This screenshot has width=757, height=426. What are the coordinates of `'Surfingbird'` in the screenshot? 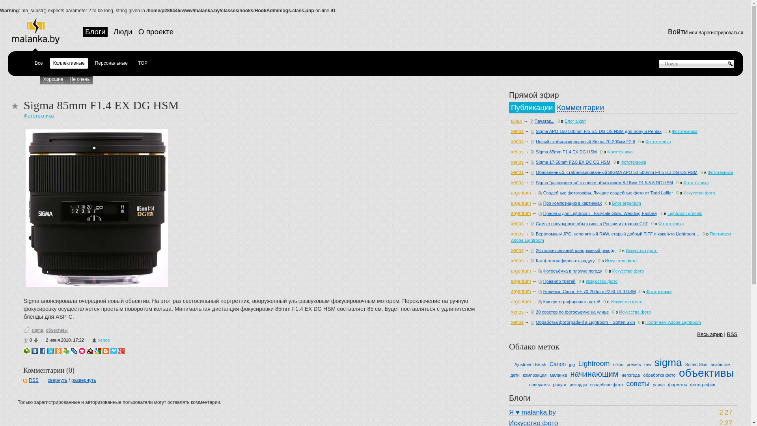 It's located at (113, 351).